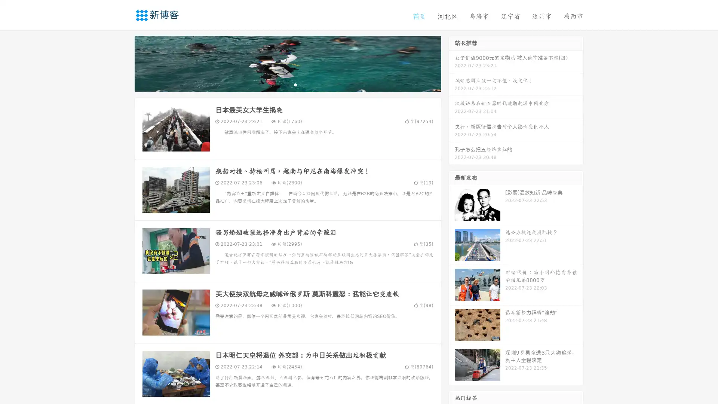  Describe the element at coordinates (280, 84) in the screenshot. I see `Go to slide 1` at that location.